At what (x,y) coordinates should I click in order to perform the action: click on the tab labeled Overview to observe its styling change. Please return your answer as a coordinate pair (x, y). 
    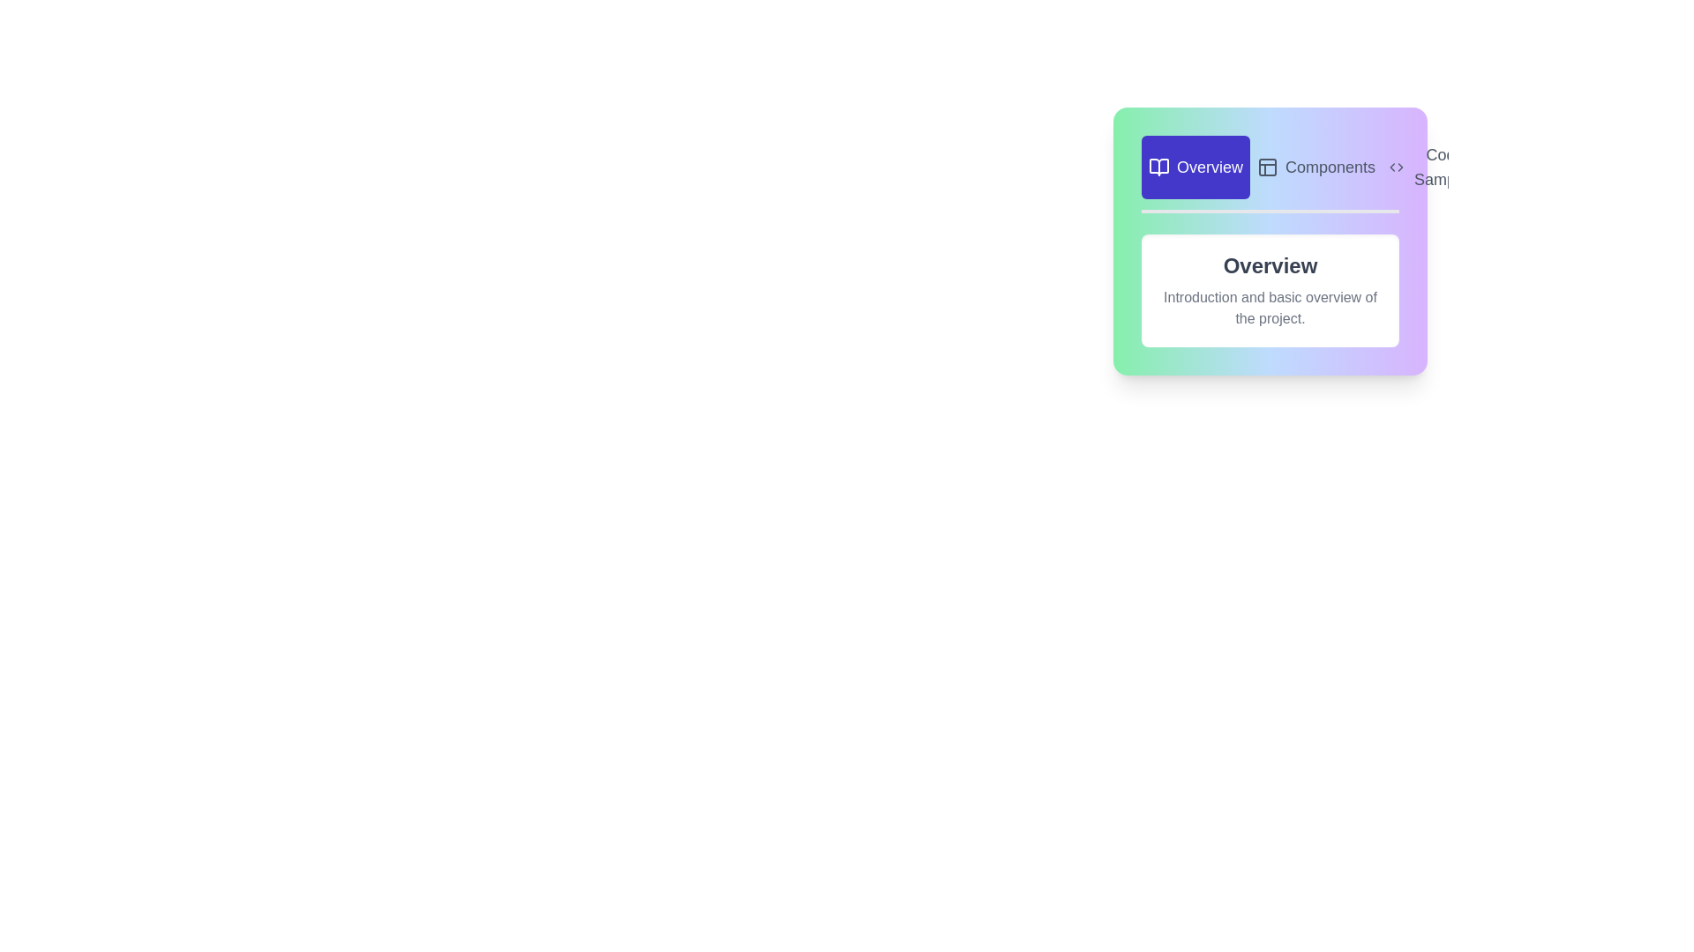
    Looking at the image, I should click on (1195, 167).